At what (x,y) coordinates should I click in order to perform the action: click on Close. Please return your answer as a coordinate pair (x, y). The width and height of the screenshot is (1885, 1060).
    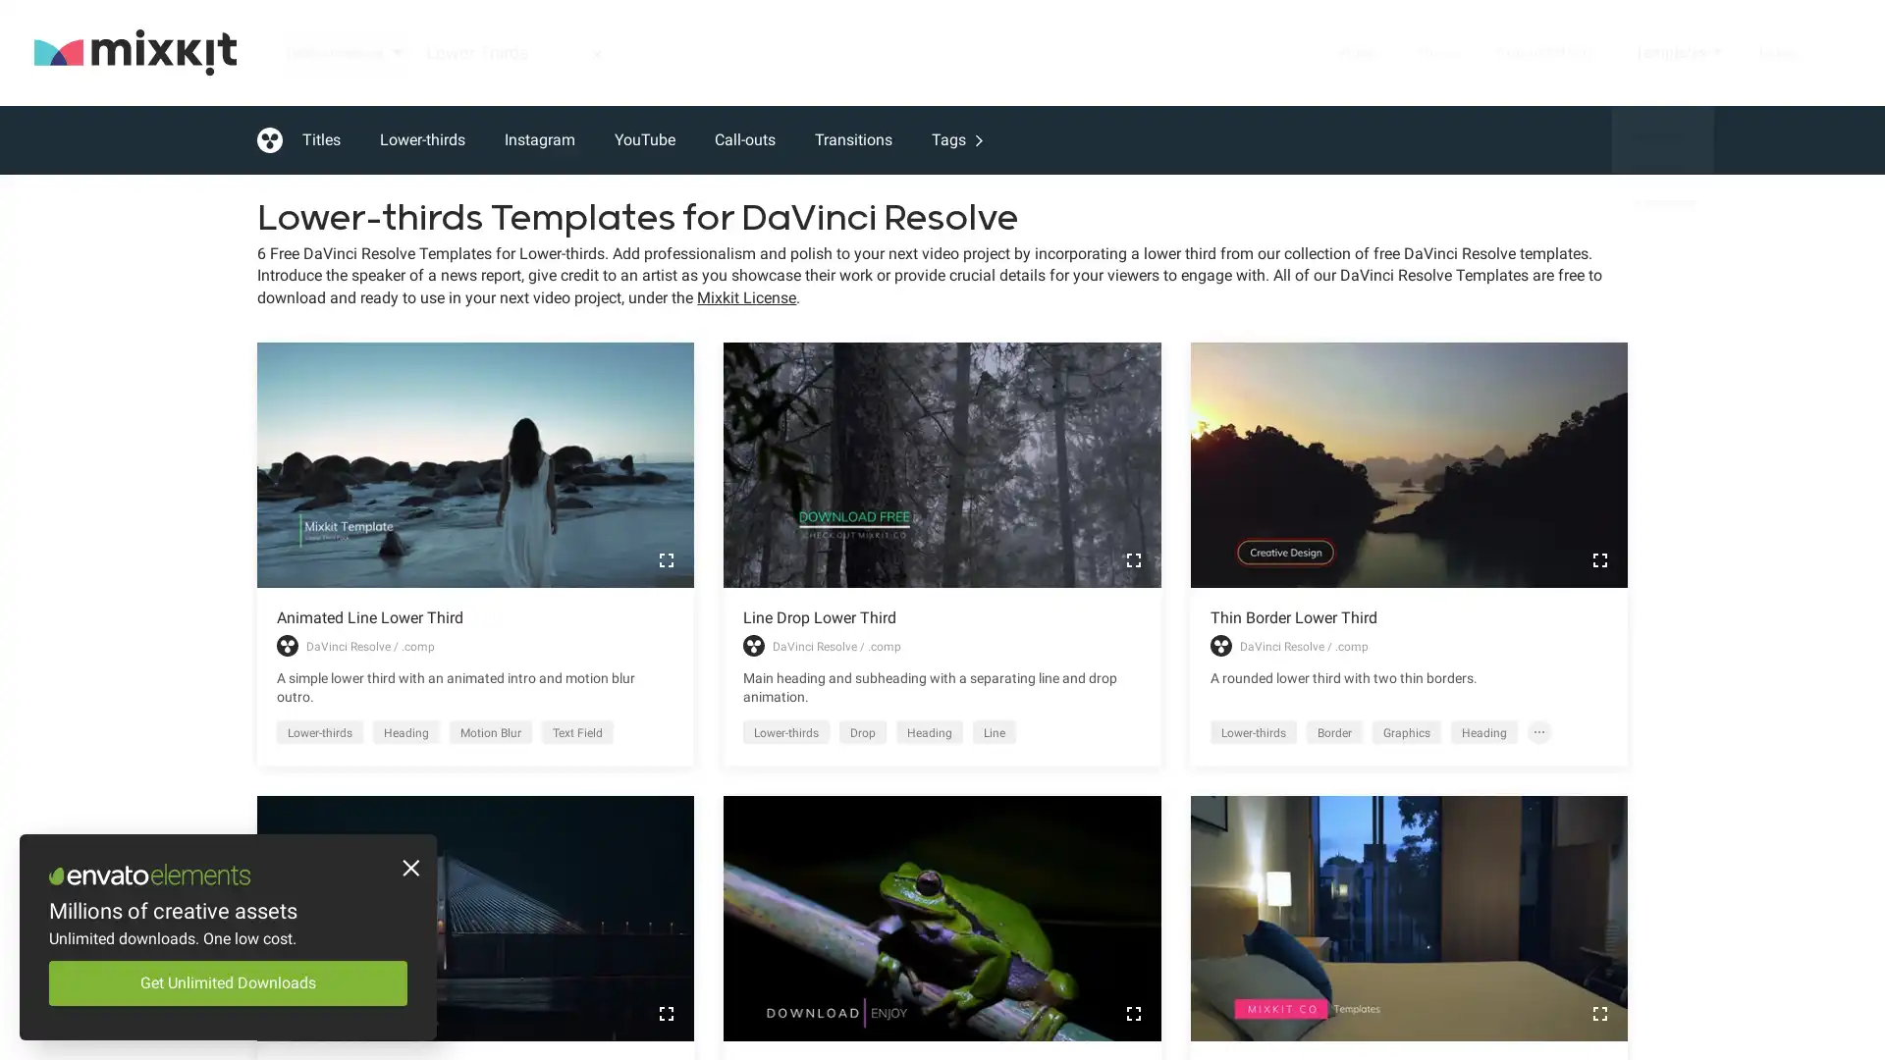
    Looking at the image, I should click on (407, 870).